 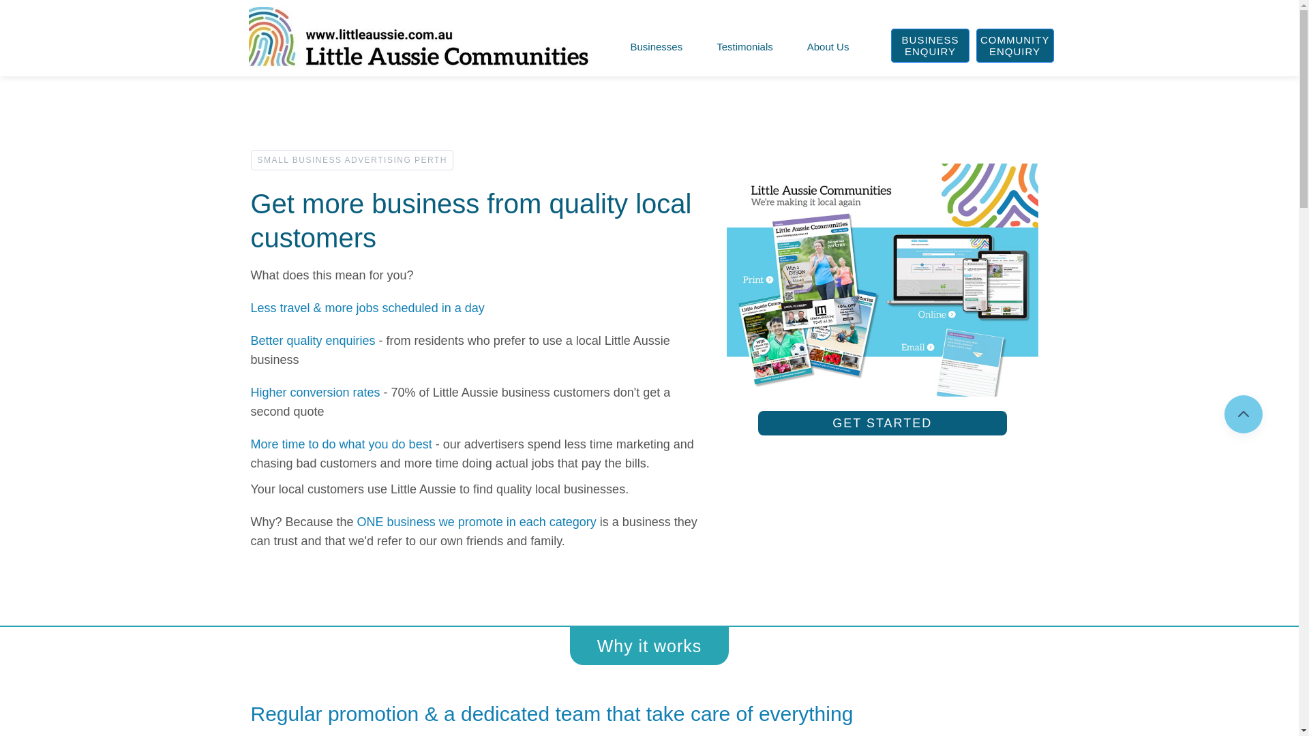 What do you see at coordinates (804, 46) in the screenshot?
I see `'About Us'` at bounding box center [804, 46].